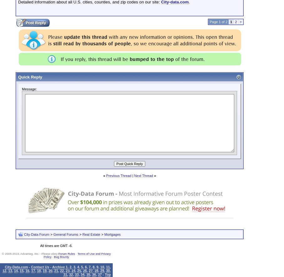 The height and width of the screenshot is (277, 284). What do you see at coordinates (89, 266) in the screenshot?
I see `'7'` at bounding box center [89, 266].